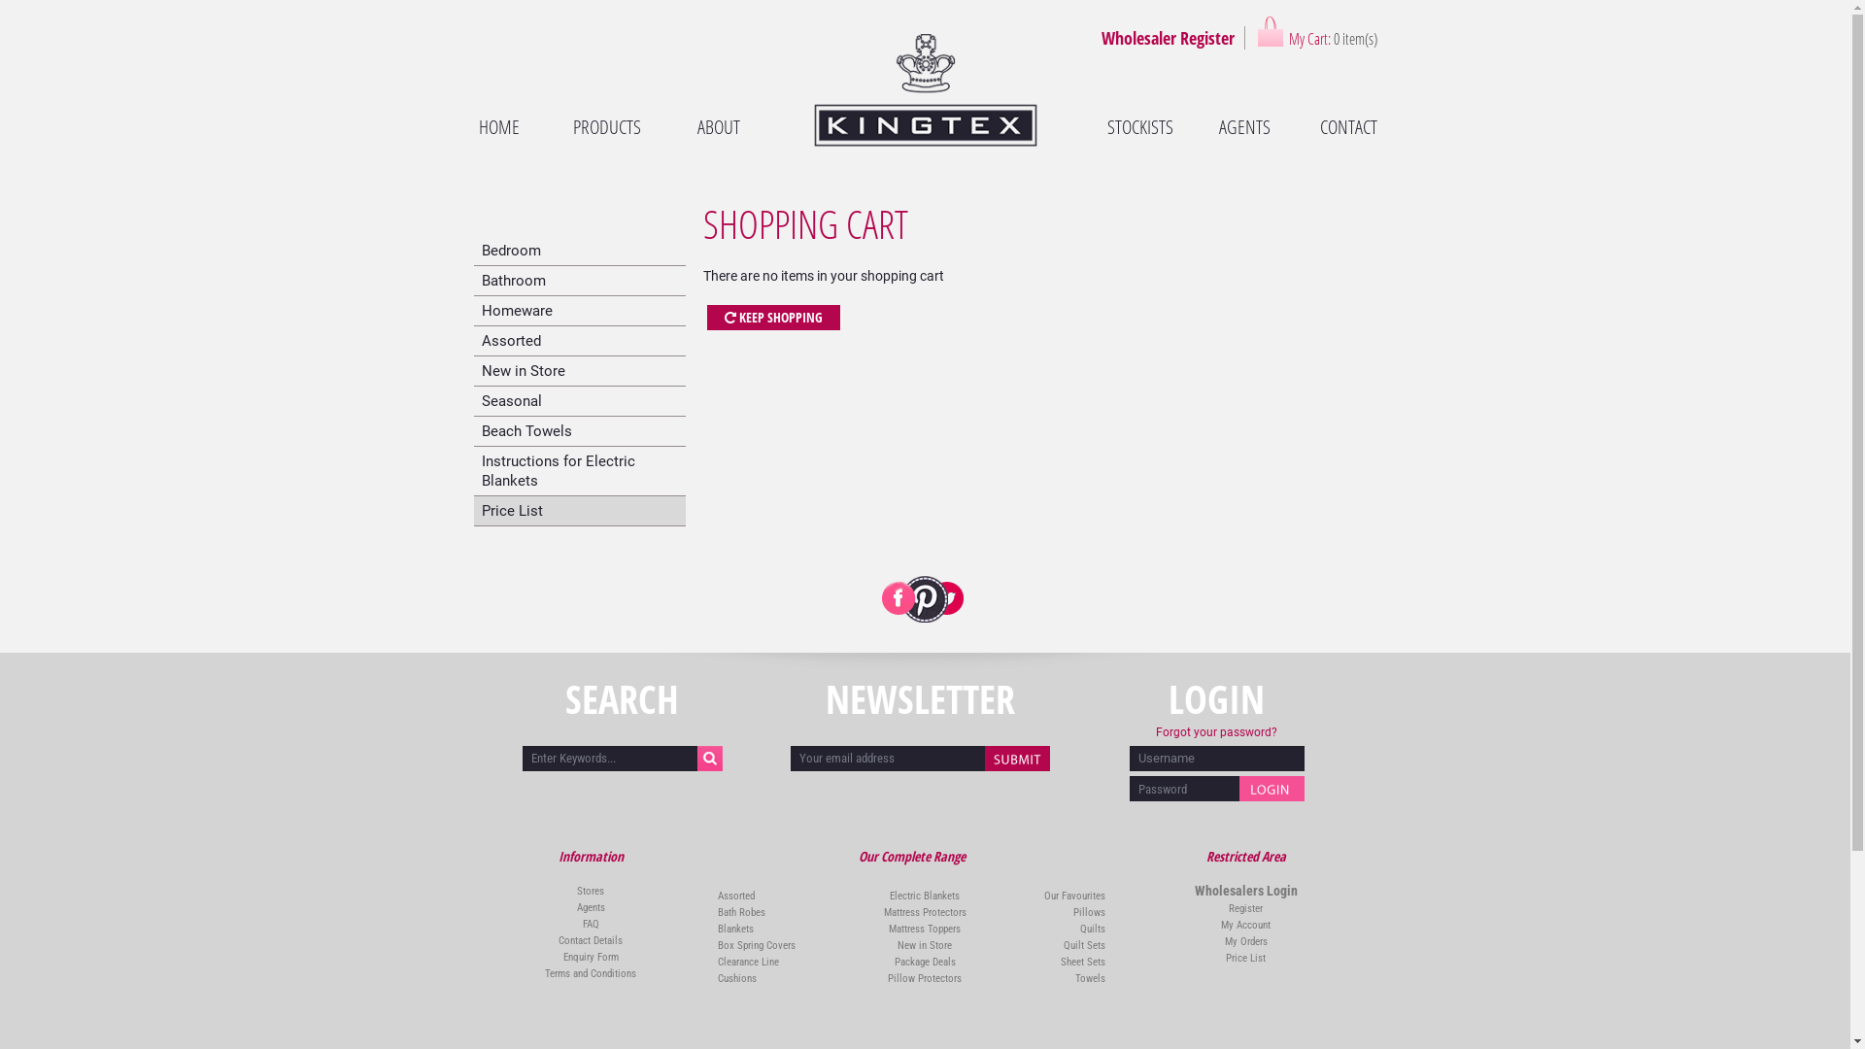 This screenshot has height=1049, width=1865. I want to click on 'Stores', so click(590, 891).